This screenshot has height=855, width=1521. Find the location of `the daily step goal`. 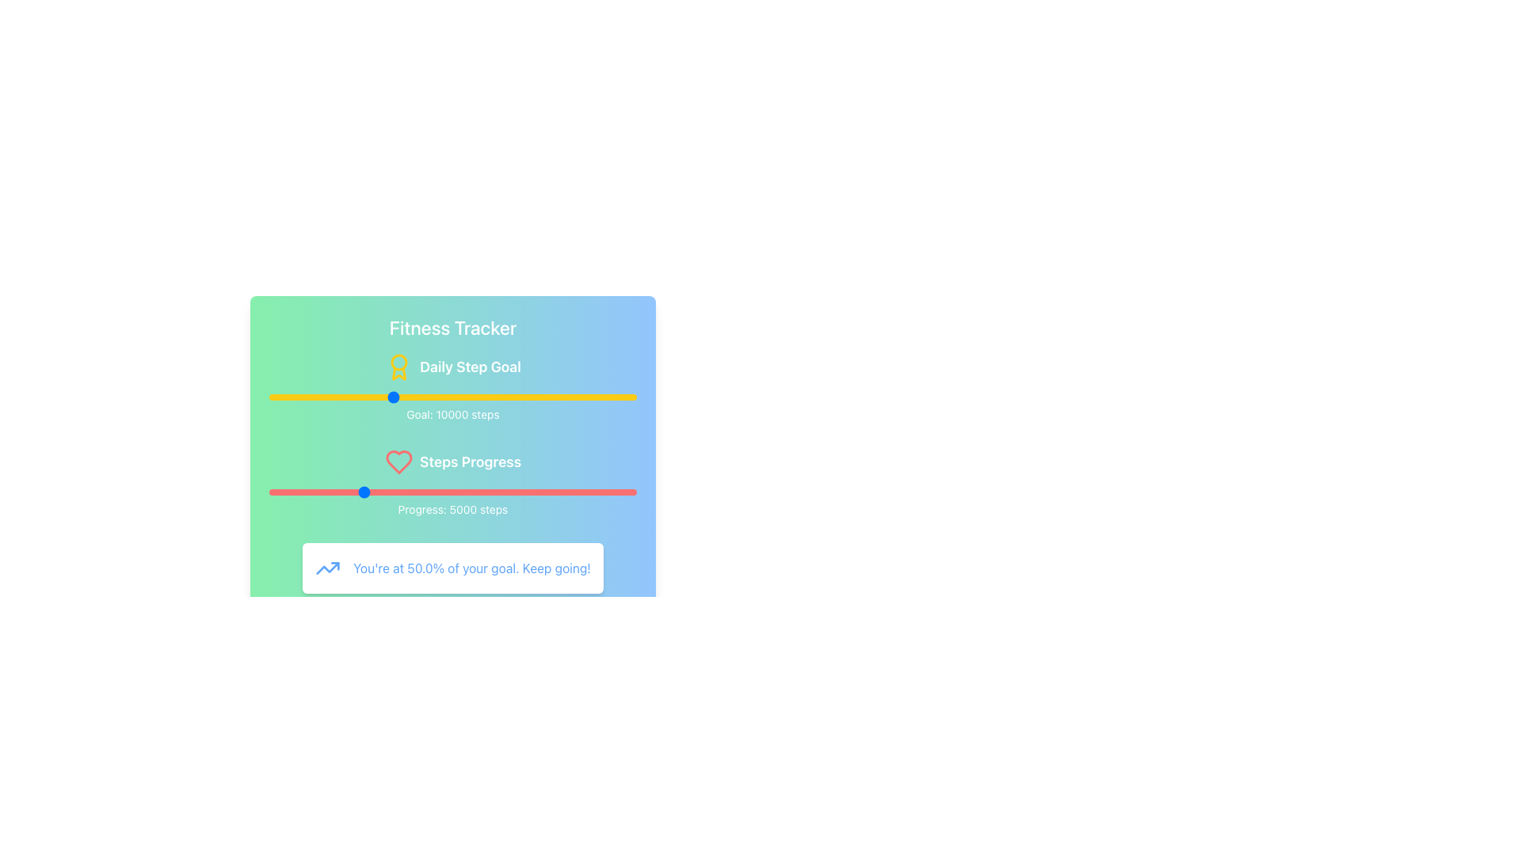

the daily step goal is located at coordinates (462, 396).